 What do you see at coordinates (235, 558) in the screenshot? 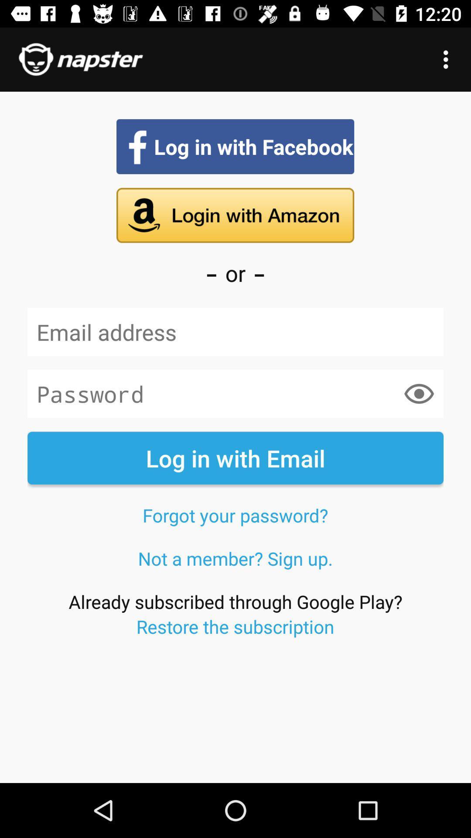
I see `the not a member` at bounding box center [235, 558].